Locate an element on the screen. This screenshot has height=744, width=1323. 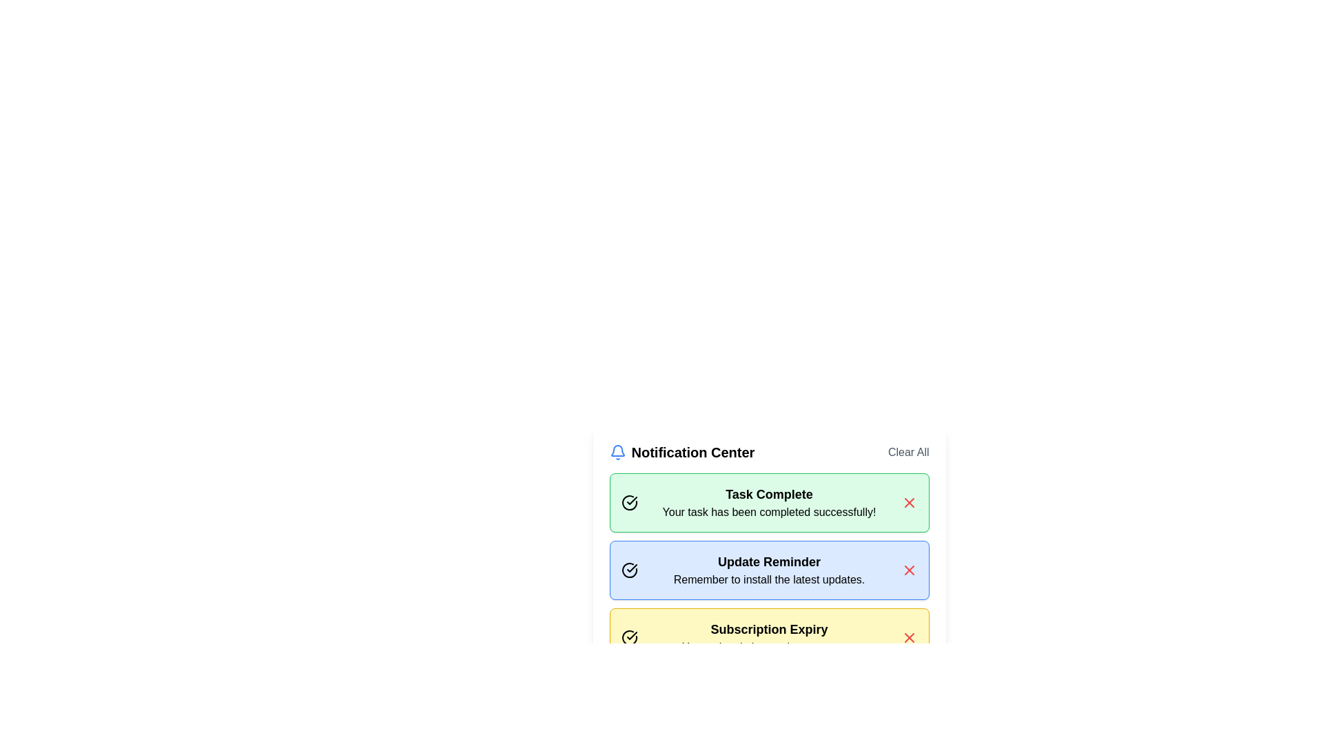
the static text that reads 'Remember to install the latest updates.' which is located within the 'Update Reminder' card, positioned below the header text 'Update Reminder' is located at coordinates (768, 579).